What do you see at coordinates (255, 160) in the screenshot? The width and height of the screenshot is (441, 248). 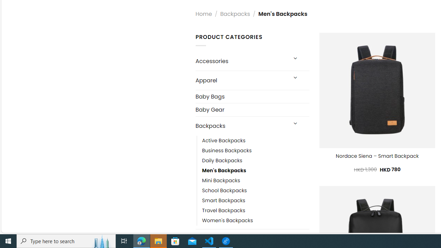 I see `'Daily Backpacks'` at bounding box center [255, 160].